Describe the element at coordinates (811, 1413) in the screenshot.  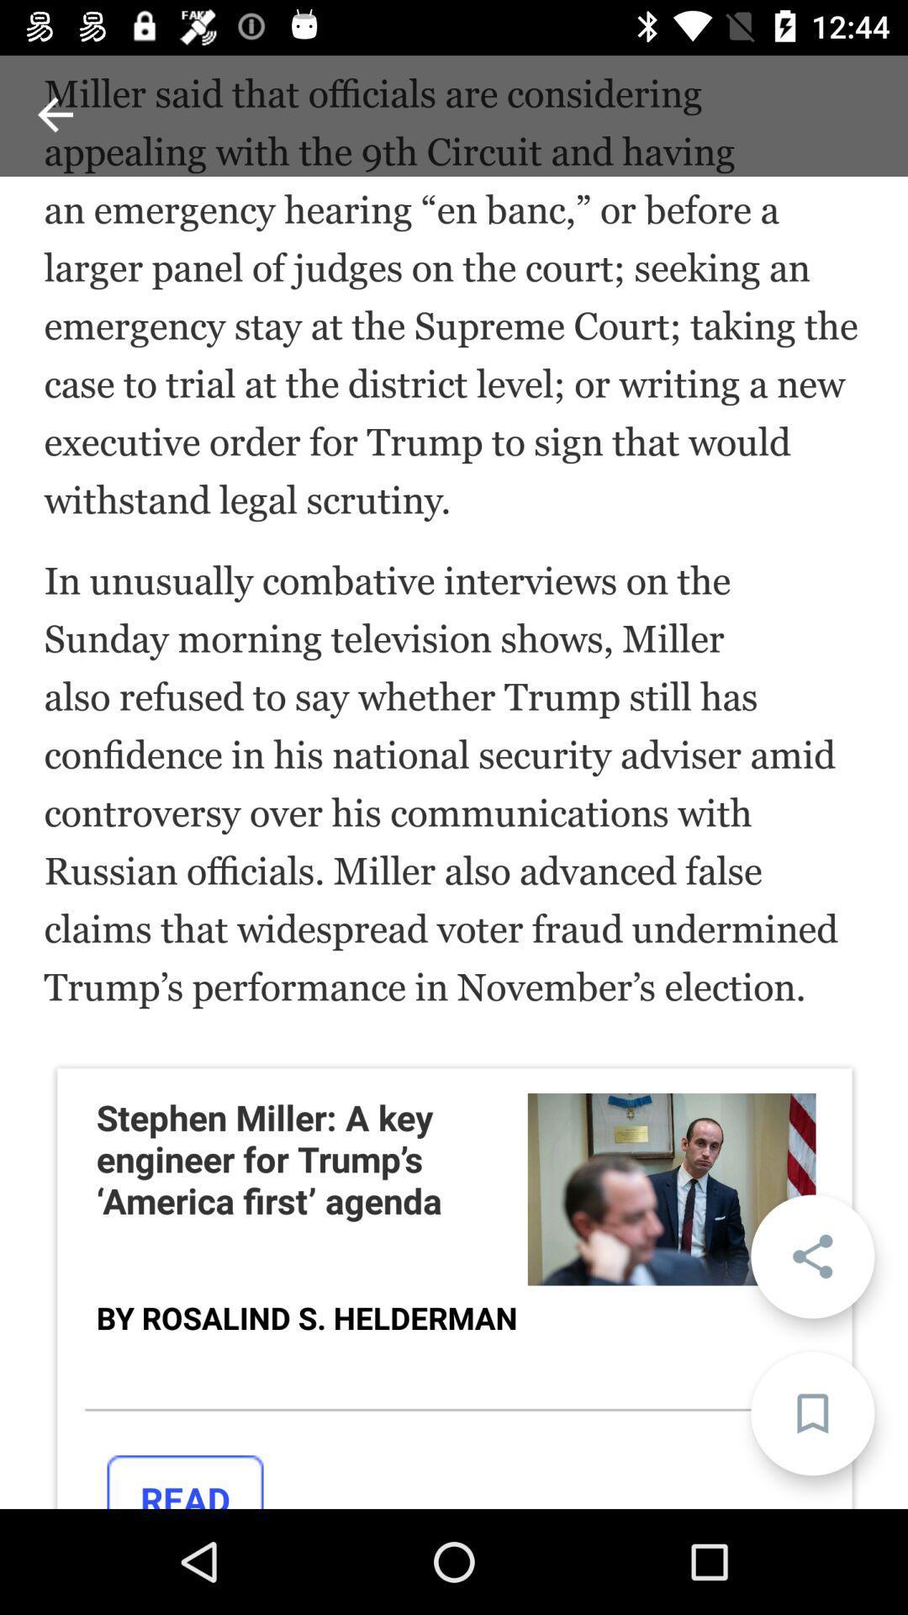
I see `the bookmark icon` at that location.